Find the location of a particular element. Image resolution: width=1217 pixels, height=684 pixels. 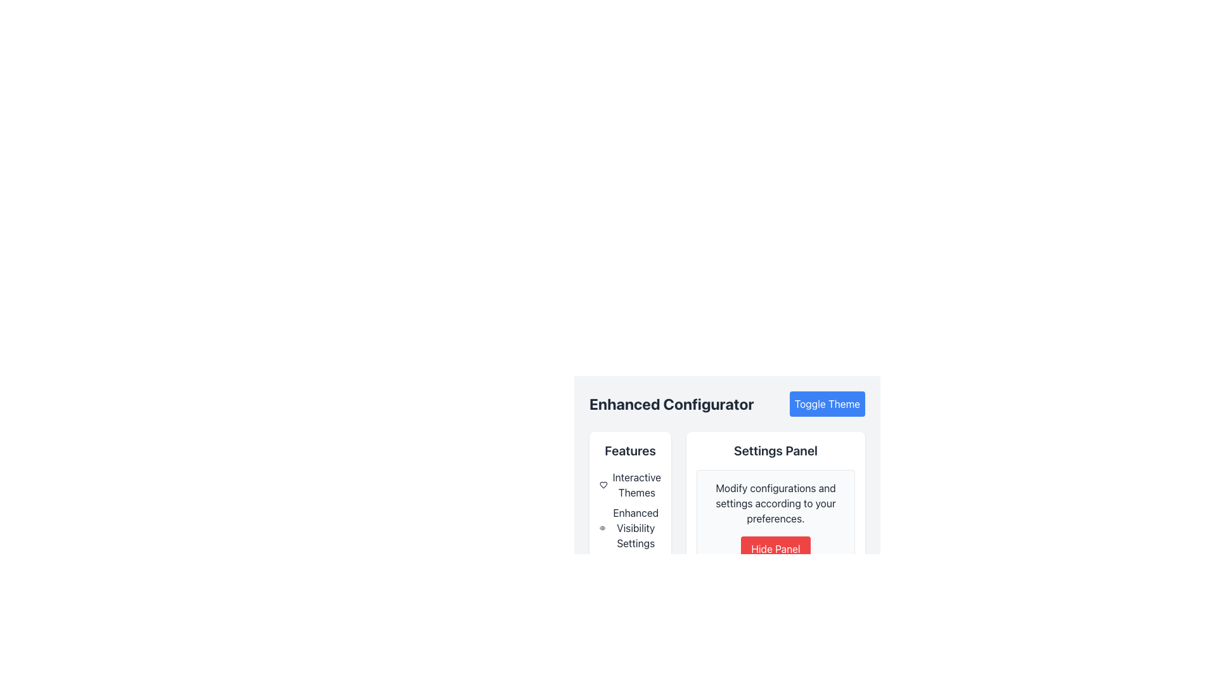

text header 'Settings Panel' to understand the section's purpose, which is prominently displayed at the top of the panel is located at coordinates (775, 450).